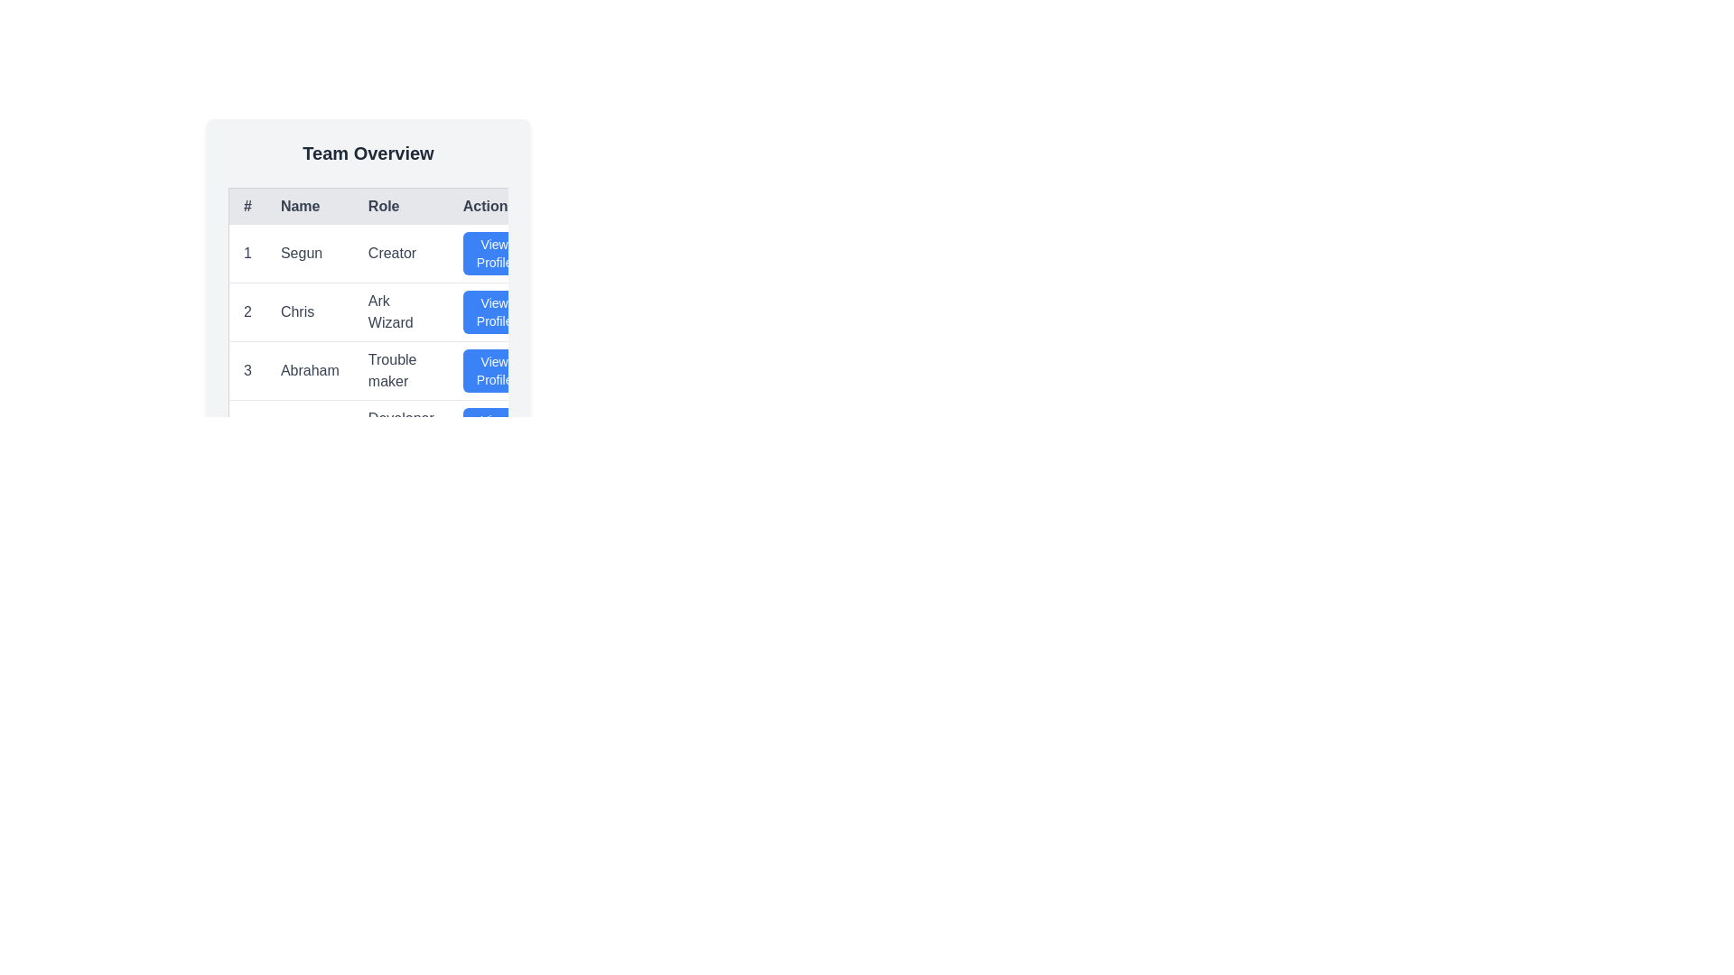  What do you see at coordinates (247, 370) in the screenshot?
I see `the numeric text label displaying the number '3', which is located in the first column of the third row of the table under the '#' header` at bounding box center [247, 370].